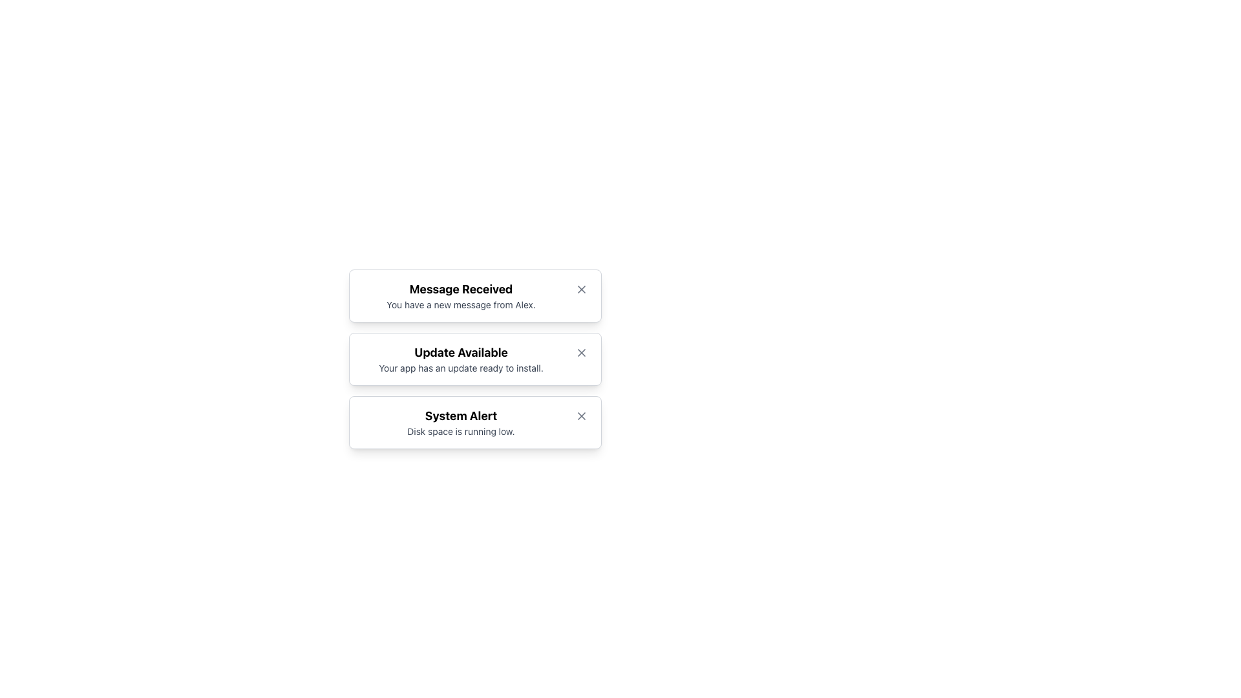  Describe the element at coordinates (581, 416) in the screenshot. I see `the close icon button located at the top-right corner of the 'System Alert' notification card` at that location.